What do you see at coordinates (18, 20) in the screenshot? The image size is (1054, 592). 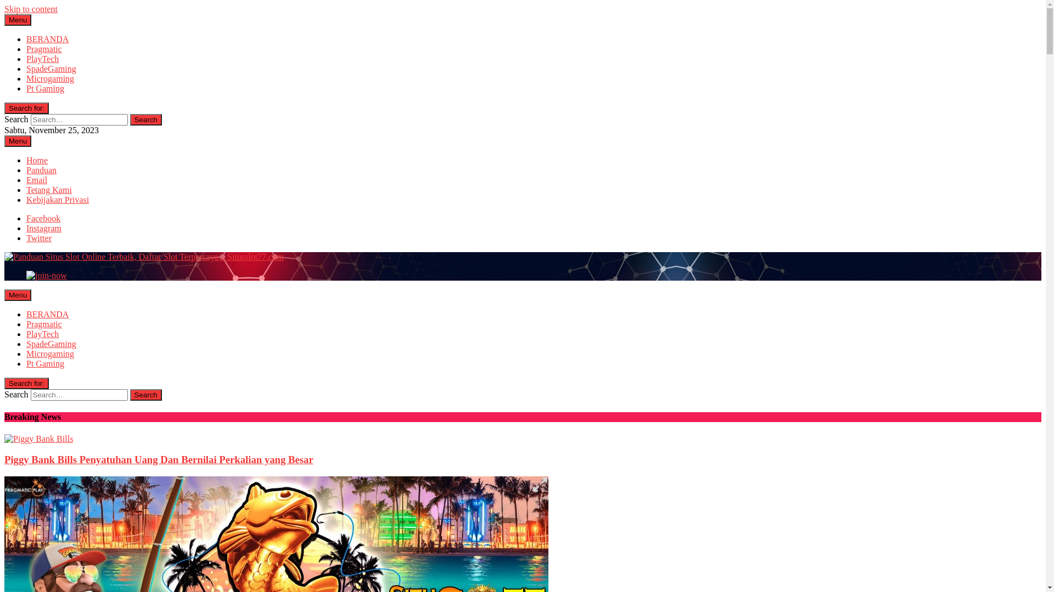 I see `'Menu'` at bounding box center [18, 20].